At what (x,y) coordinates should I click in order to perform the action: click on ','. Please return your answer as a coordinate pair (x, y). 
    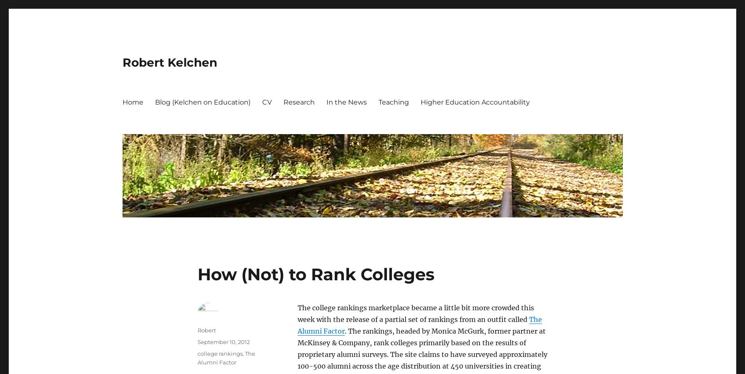
    Looking at the image, I should click on (243, 353).